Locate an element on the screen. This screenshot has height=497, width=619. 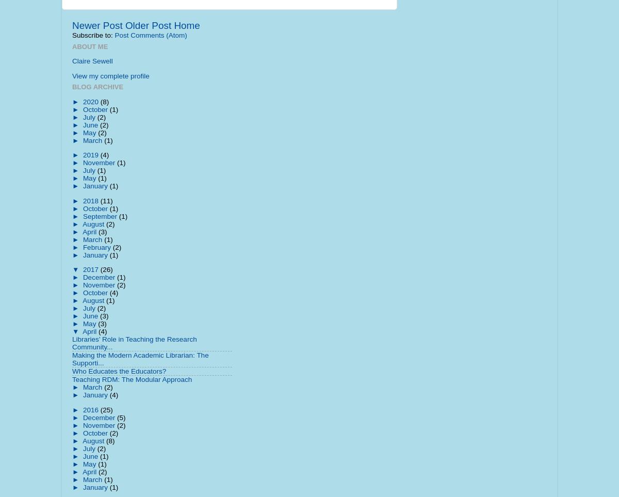
'2020' is located at coordinates (91, 101).